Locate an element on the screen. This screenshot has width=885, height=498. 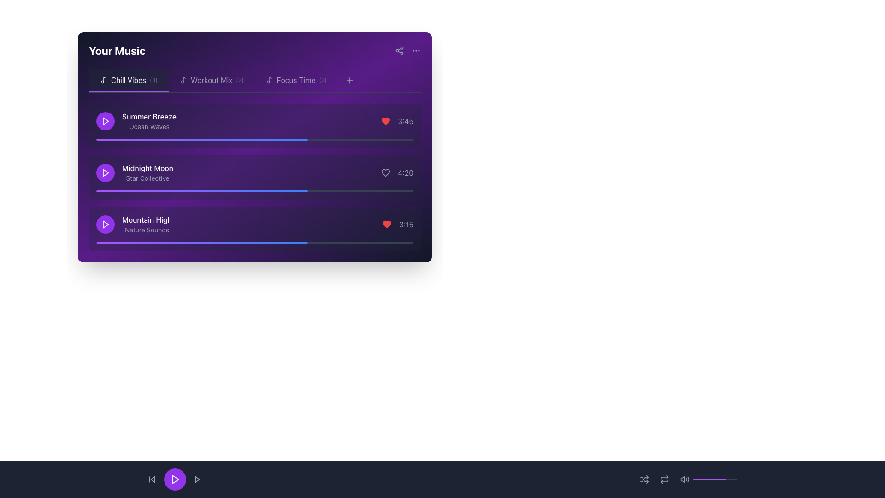
the text label displaying the title and description of a track in the 'Chill Vibes' section, located in the third row of the list is located at coordinates (146, 224).